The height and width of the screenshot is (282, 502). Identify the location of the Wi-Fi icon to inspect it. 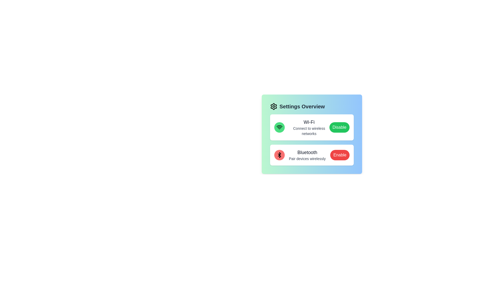
(279, 127).